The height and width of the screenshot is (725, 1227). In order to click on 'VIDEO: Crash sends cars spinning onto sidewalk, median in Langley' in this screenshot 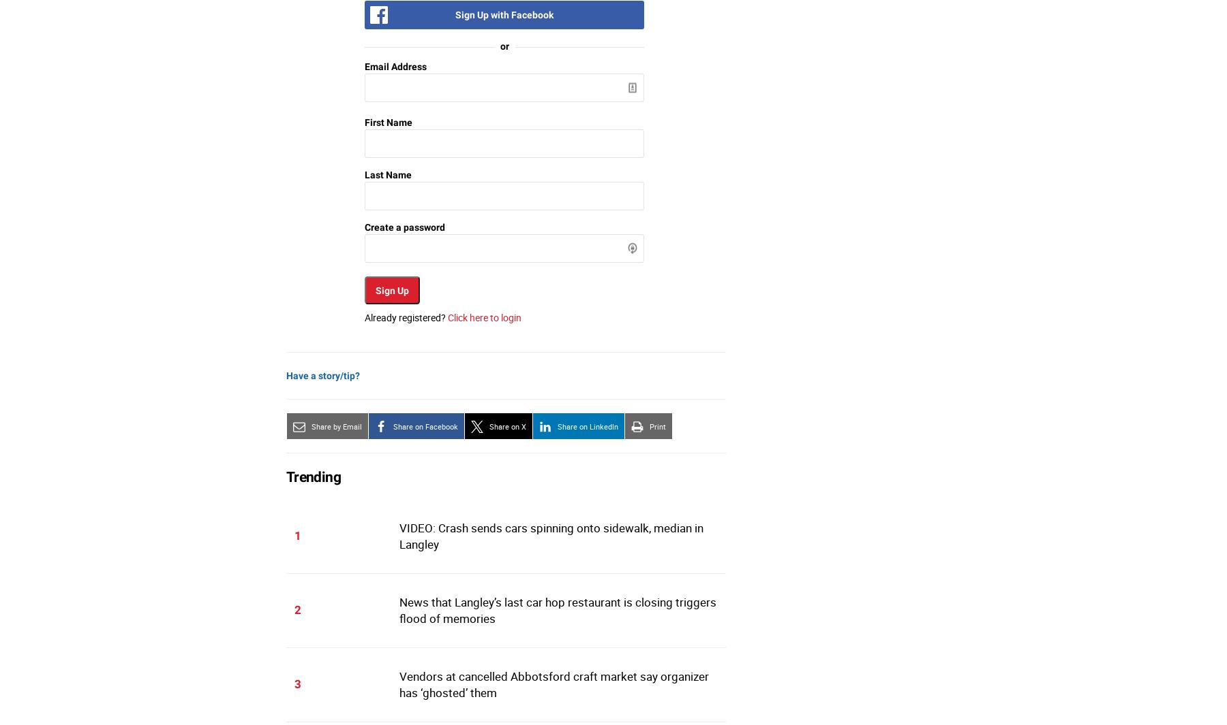, I will do `click(551, 535)`.